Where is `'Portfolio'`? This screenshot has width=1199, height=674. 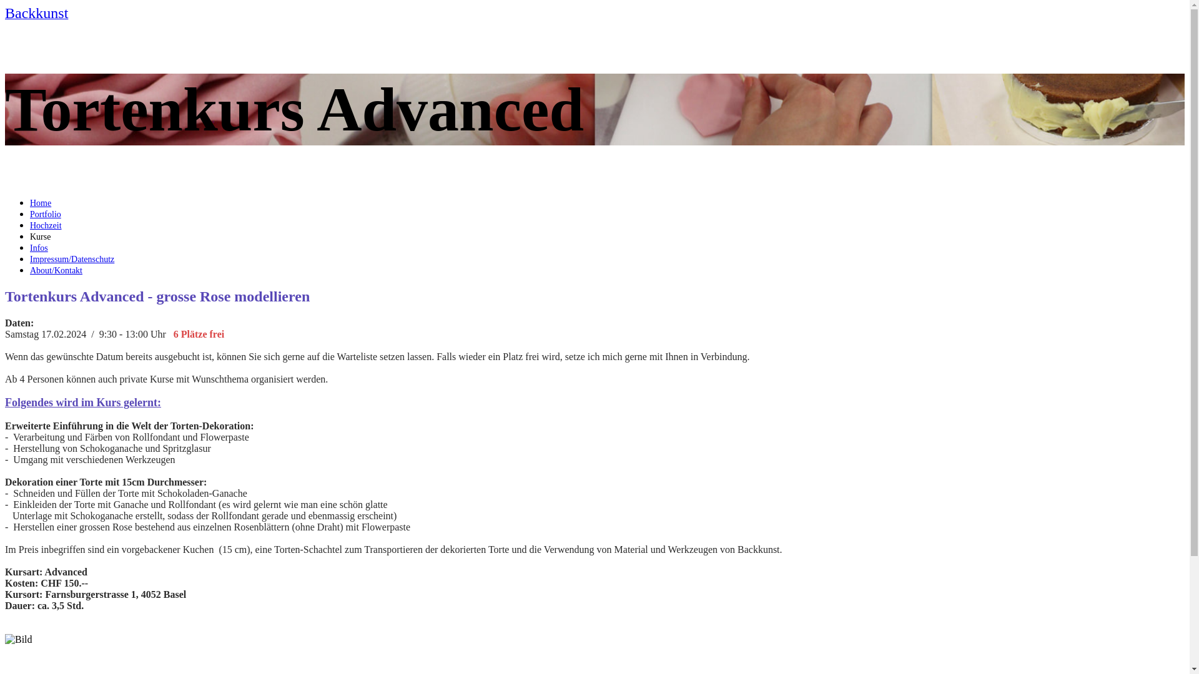 'Portfolio' is located at coordinates (45, 213).